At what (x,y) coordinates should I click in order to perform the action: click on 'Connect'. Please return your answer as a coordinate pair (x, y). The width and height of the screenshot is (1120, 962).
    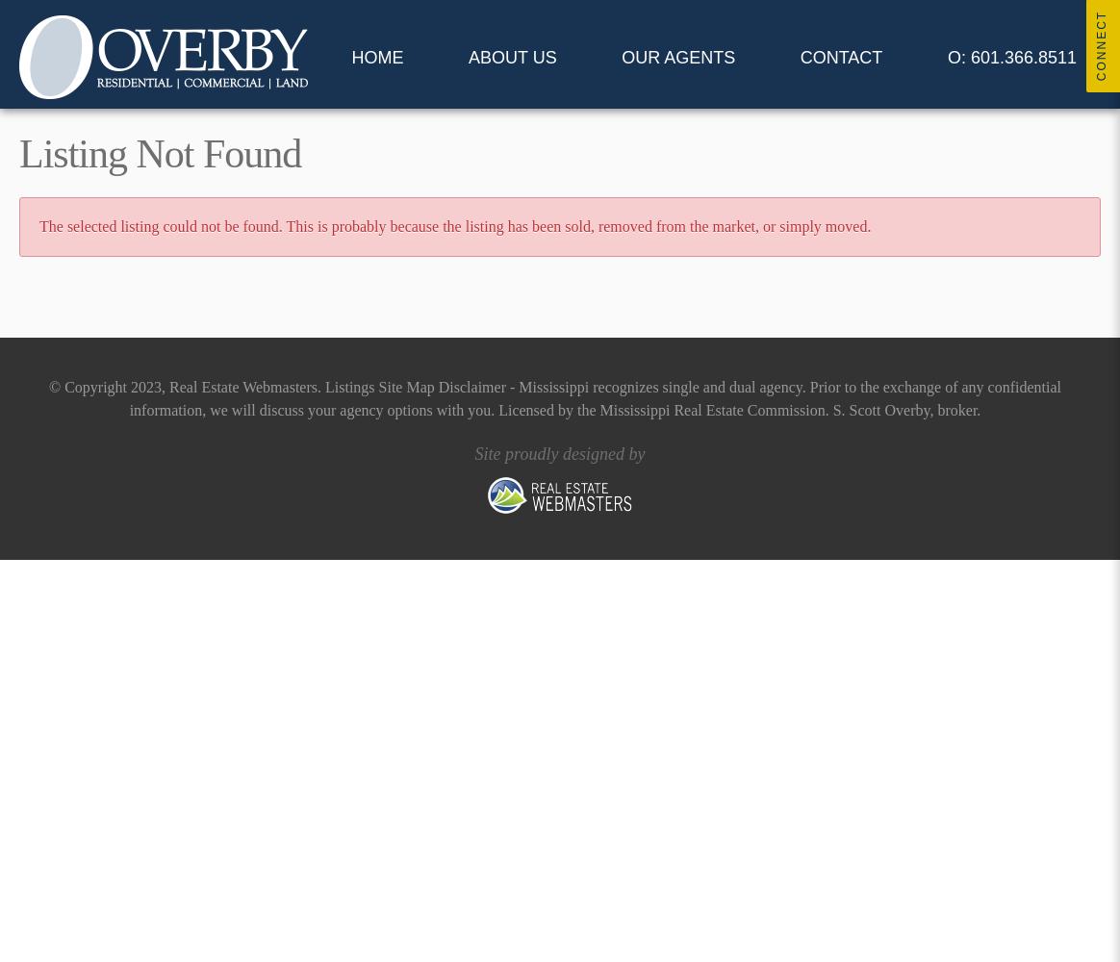
    Looking at the image, I should click on (1094, 45).